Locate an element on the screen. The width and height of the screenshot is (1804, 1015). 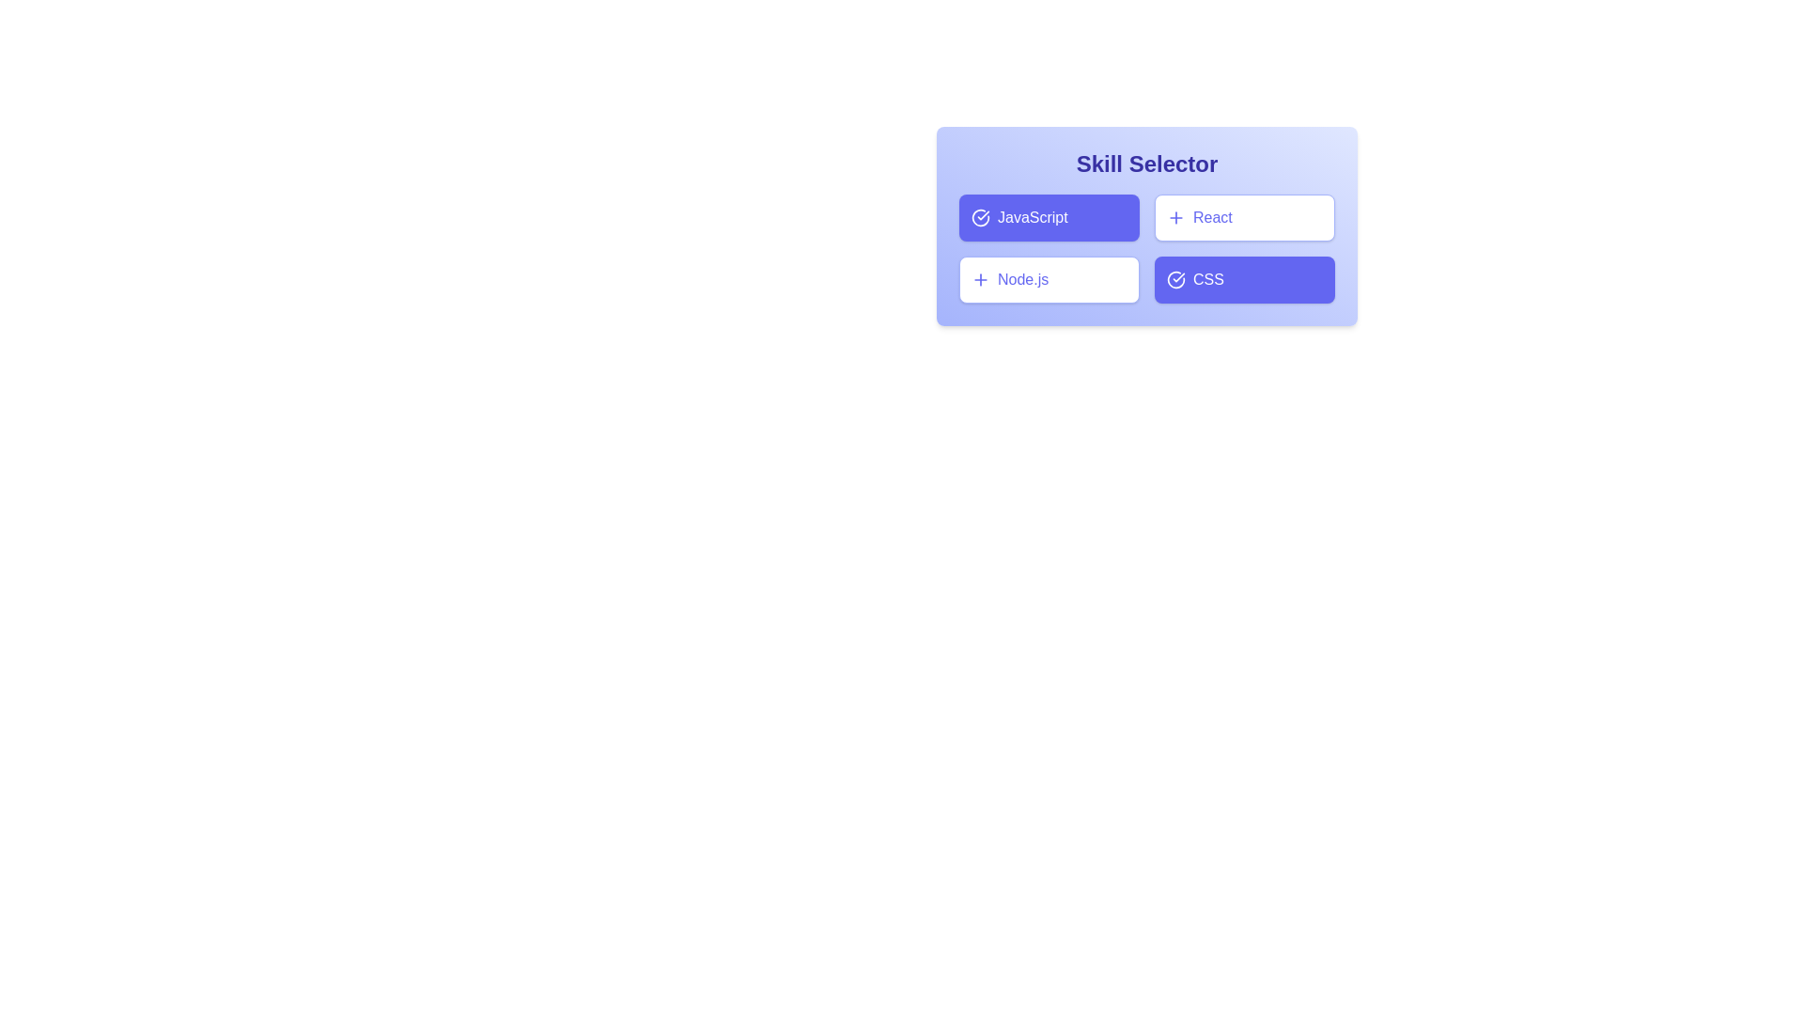
the skill card for Node.js is located at coordinates (1049, 279).